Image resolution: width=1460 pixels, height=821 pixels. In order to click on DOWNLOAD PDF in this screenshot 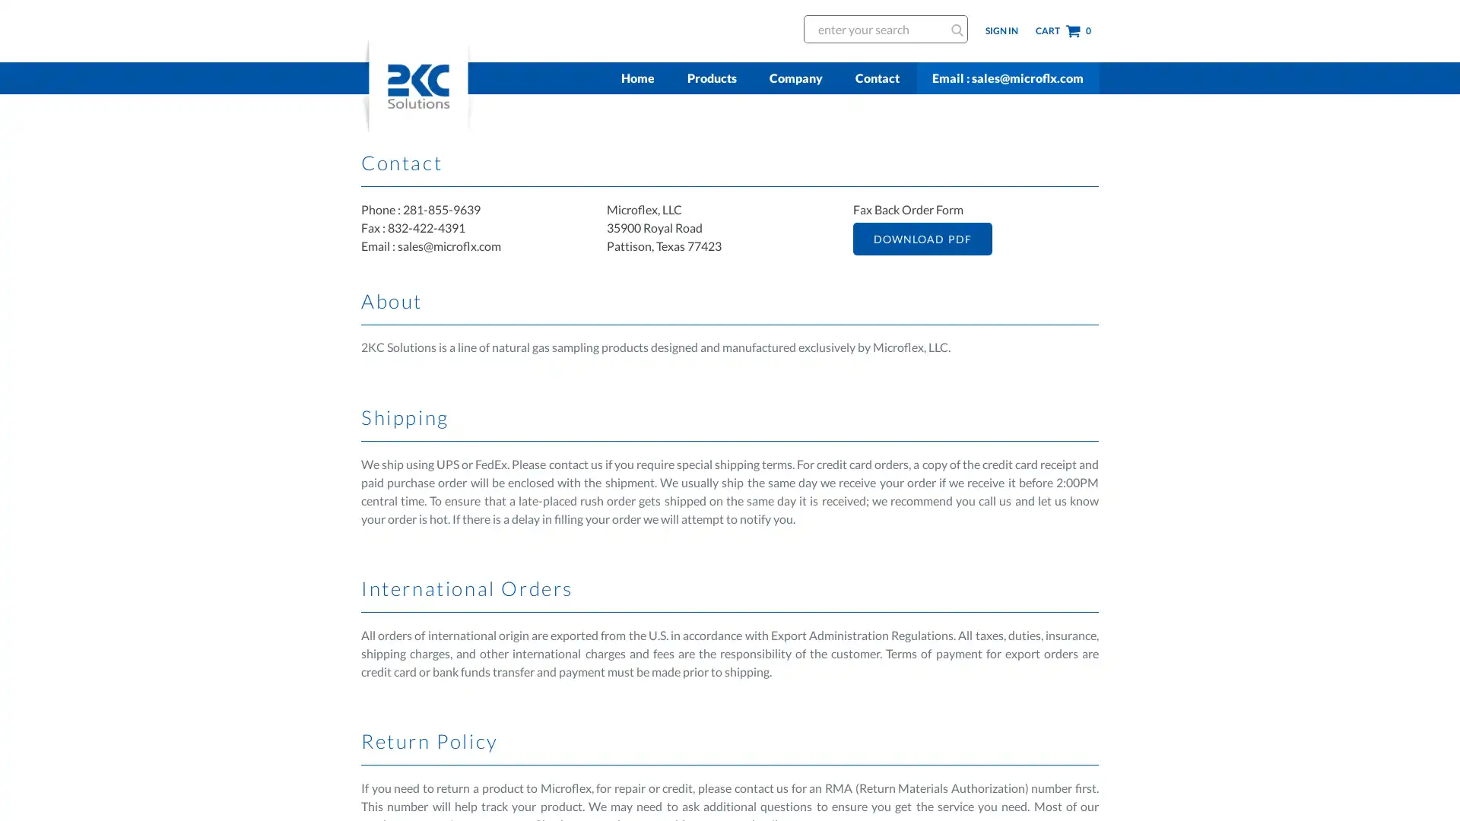, I will do `click(922, 238)`.